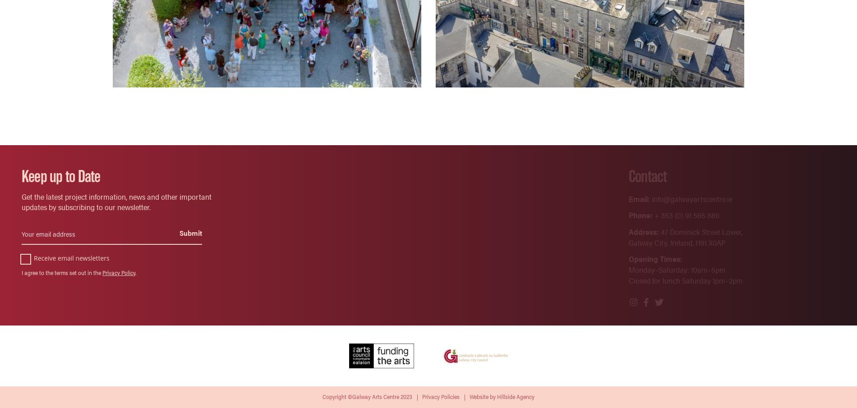 The width and height of the screenshot is (857, 408). I want to click on '47 Dominick Street Lower,', so click(658, 231).